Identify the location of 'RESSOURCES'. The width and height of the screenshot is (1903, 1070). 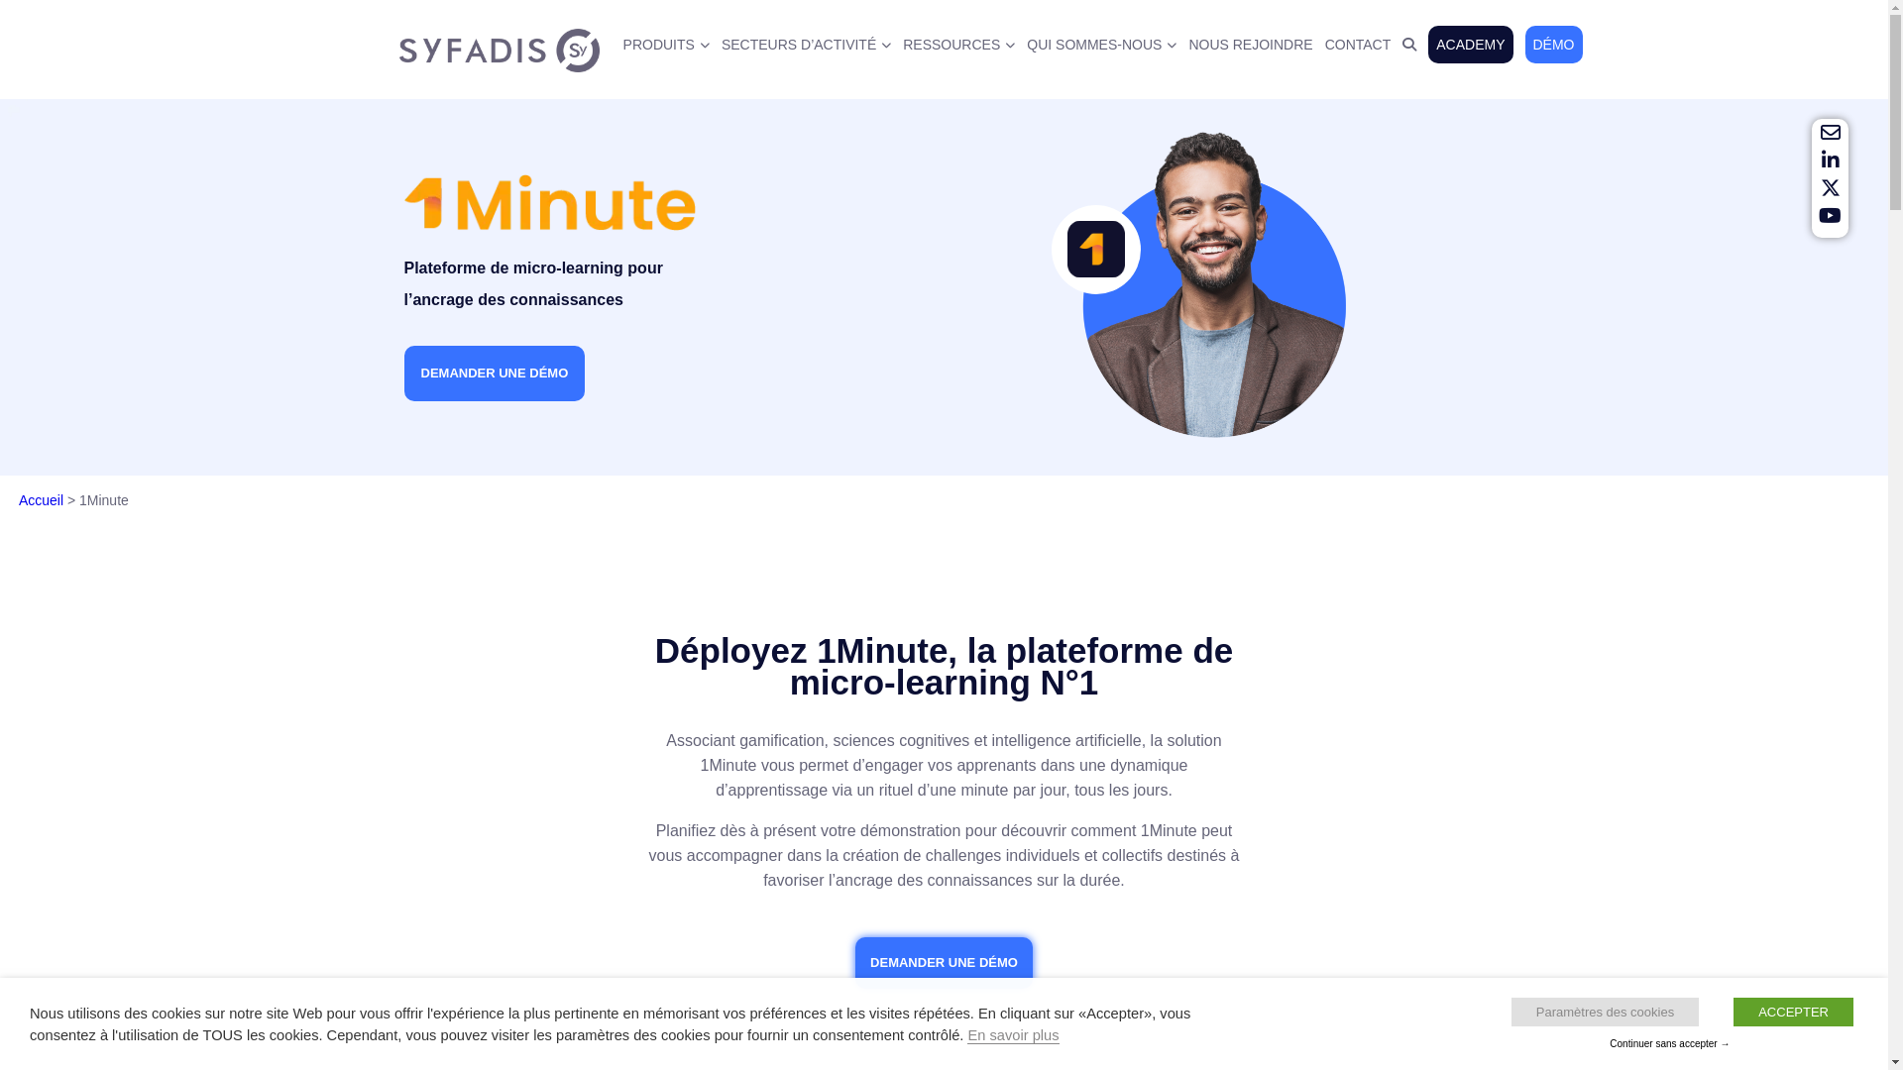
(958, 45).